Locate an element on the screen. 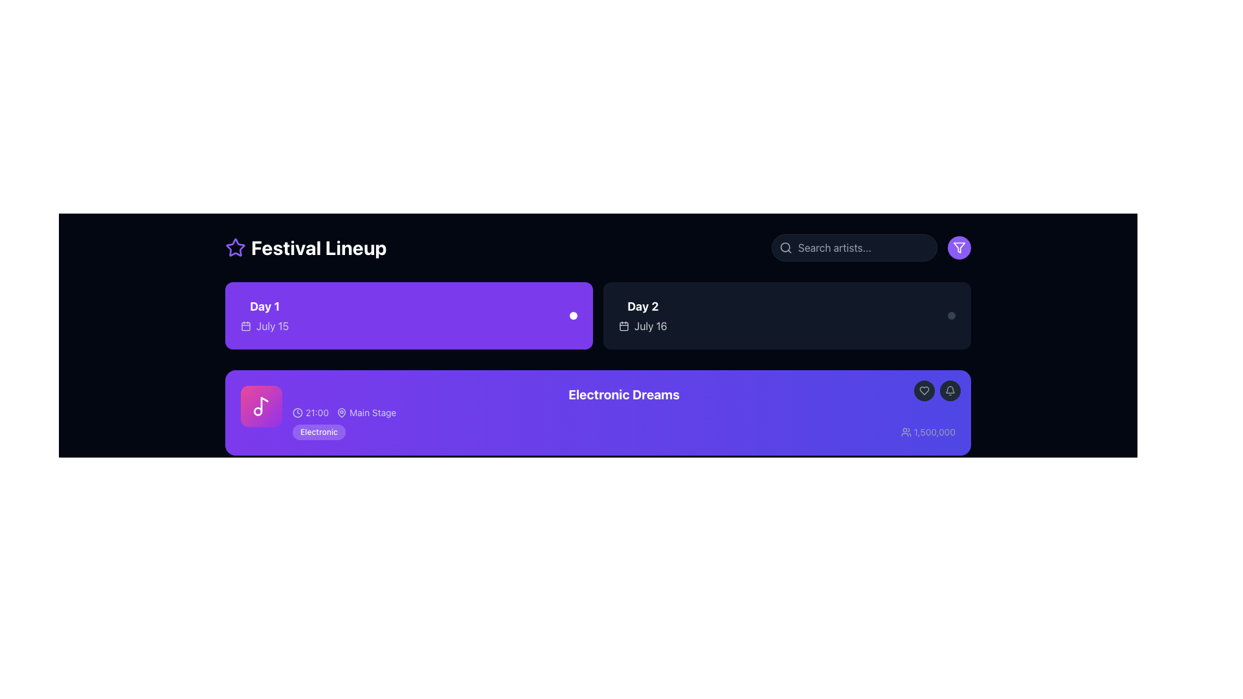 The width and height of the screenshot is (1243, 699). the interactive button labeled 'Day 1' is located at coordinates (409, 316).